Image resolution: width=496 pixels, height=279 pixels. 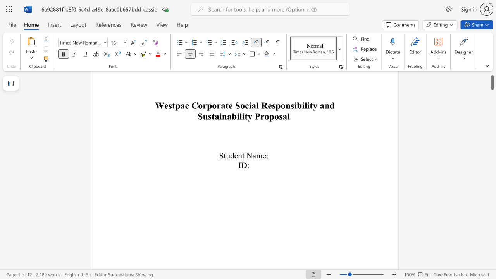 I want to click on the subset text "rporate Social Responsibility and Sustainability Prop" within the text "Westpac Corporate Social Responsibility and Sustainability Proposal", so click(x=203, y=105).